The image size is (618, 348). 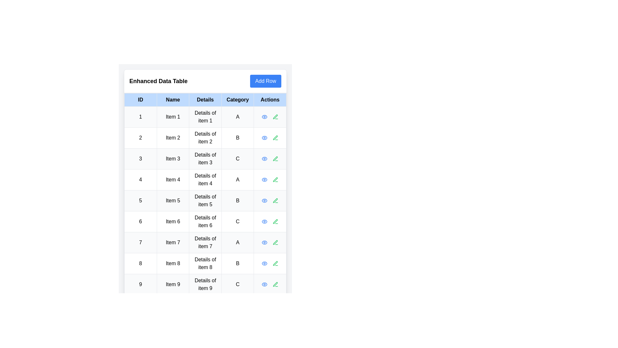 I want to click on the text label displaying 'Item 7' located in the 'Name' column of the seventh row in the data table, so click(x=173, y=242).